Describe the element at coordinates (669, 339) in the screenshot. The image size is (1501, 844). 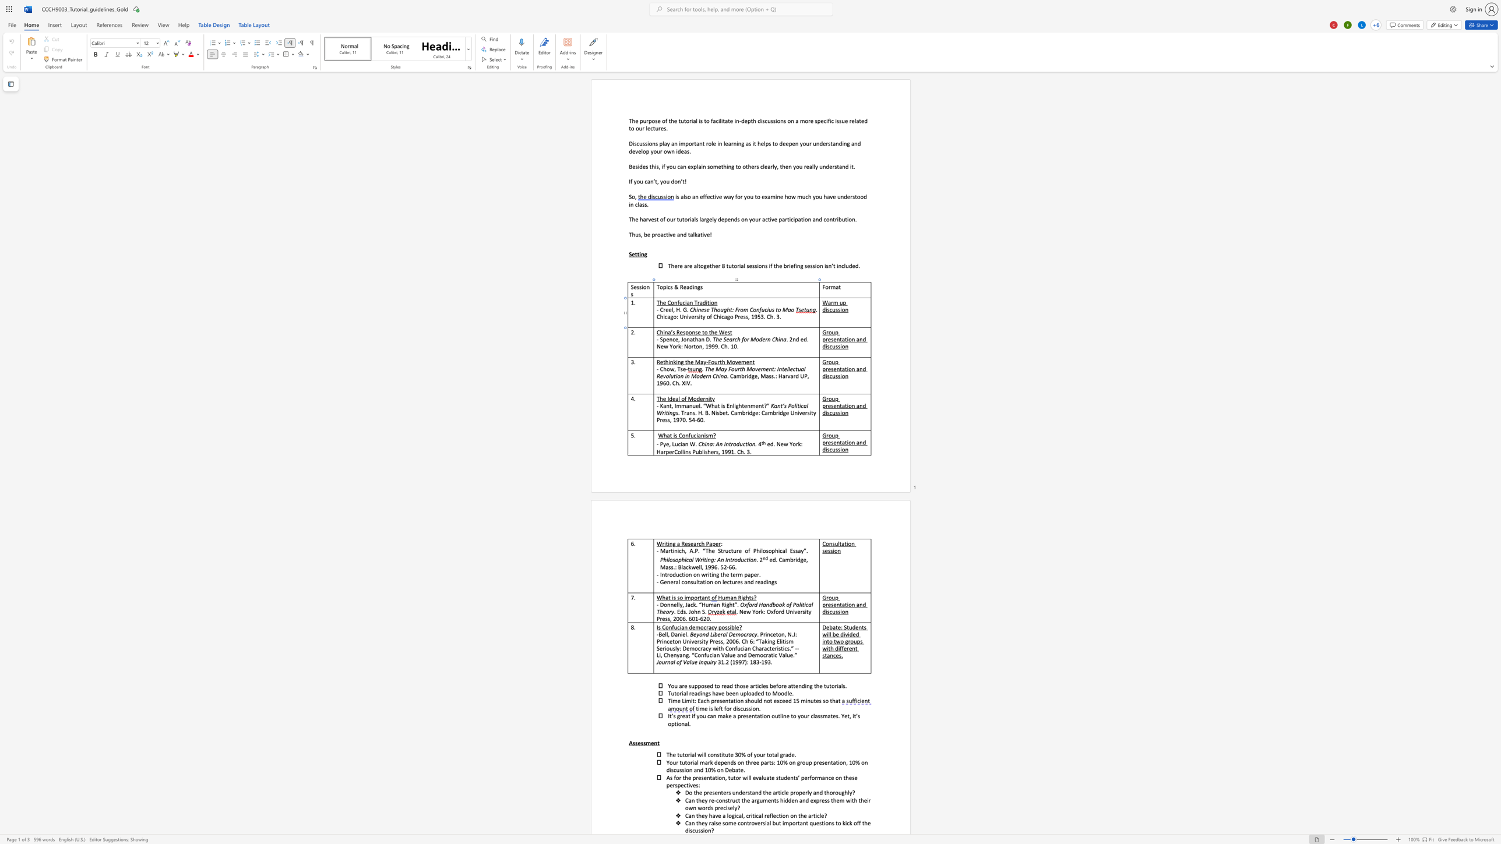
I see `the space between the continuous character "e" and "n" in the text` at that location.